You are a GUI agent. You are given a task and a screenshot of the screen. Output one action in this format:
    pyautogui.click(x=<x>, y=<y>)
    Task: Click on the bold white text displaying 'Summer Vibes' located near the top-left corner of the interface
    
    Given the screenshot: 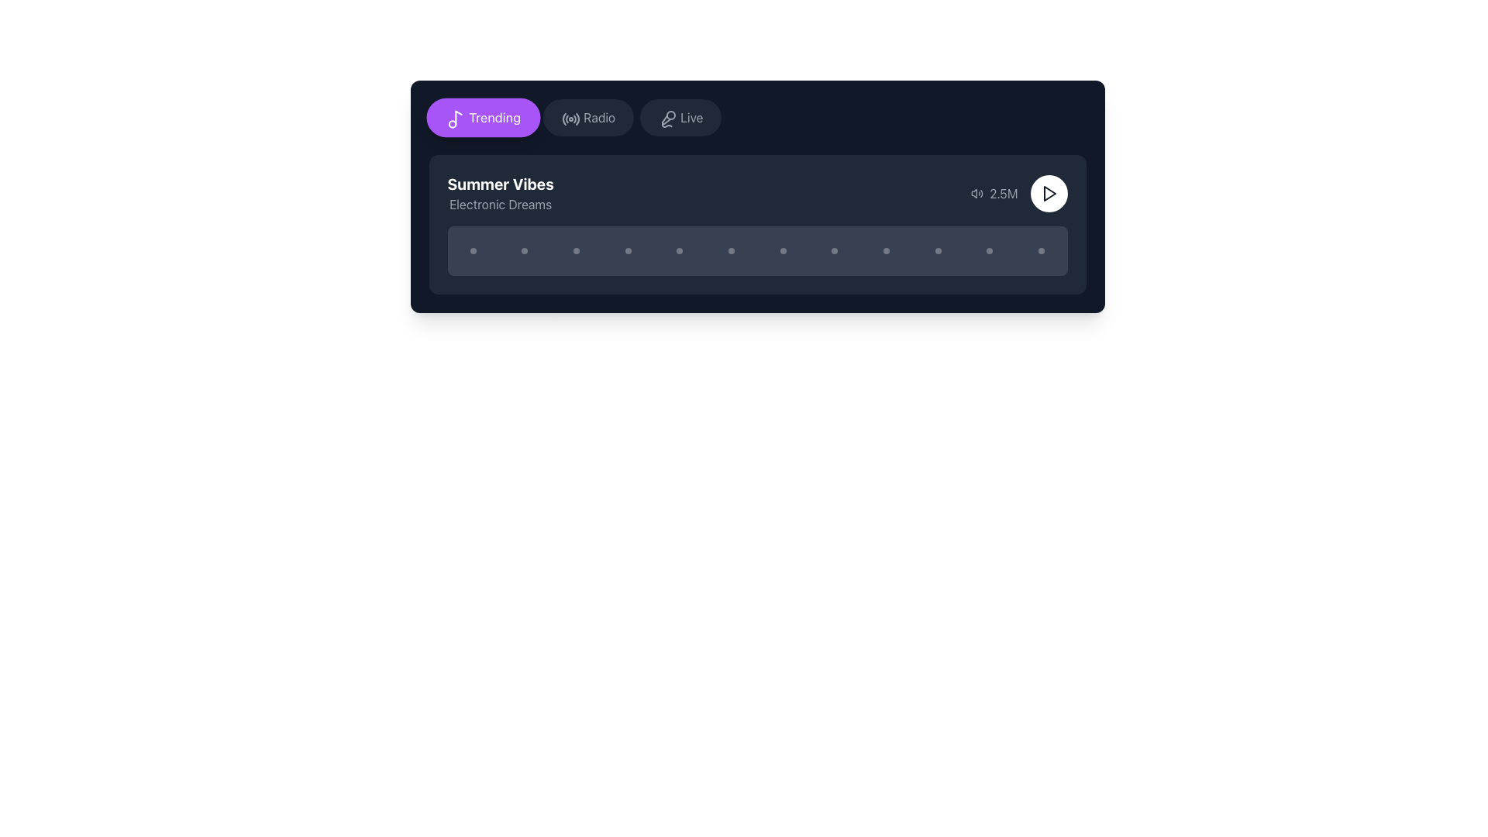 What is the action you would take?
    pyautogui.click(x=501, y=184)
    